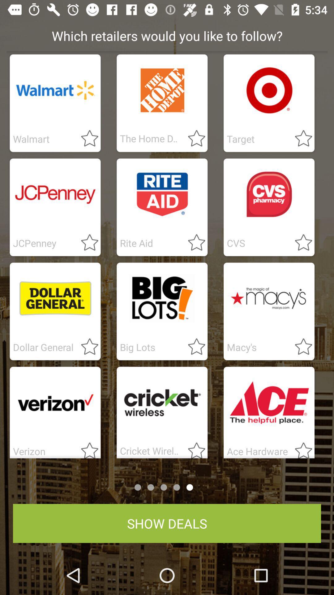  Describe the element at coordinates (299, 243) in the screenshot. I see `rate star` at that location.